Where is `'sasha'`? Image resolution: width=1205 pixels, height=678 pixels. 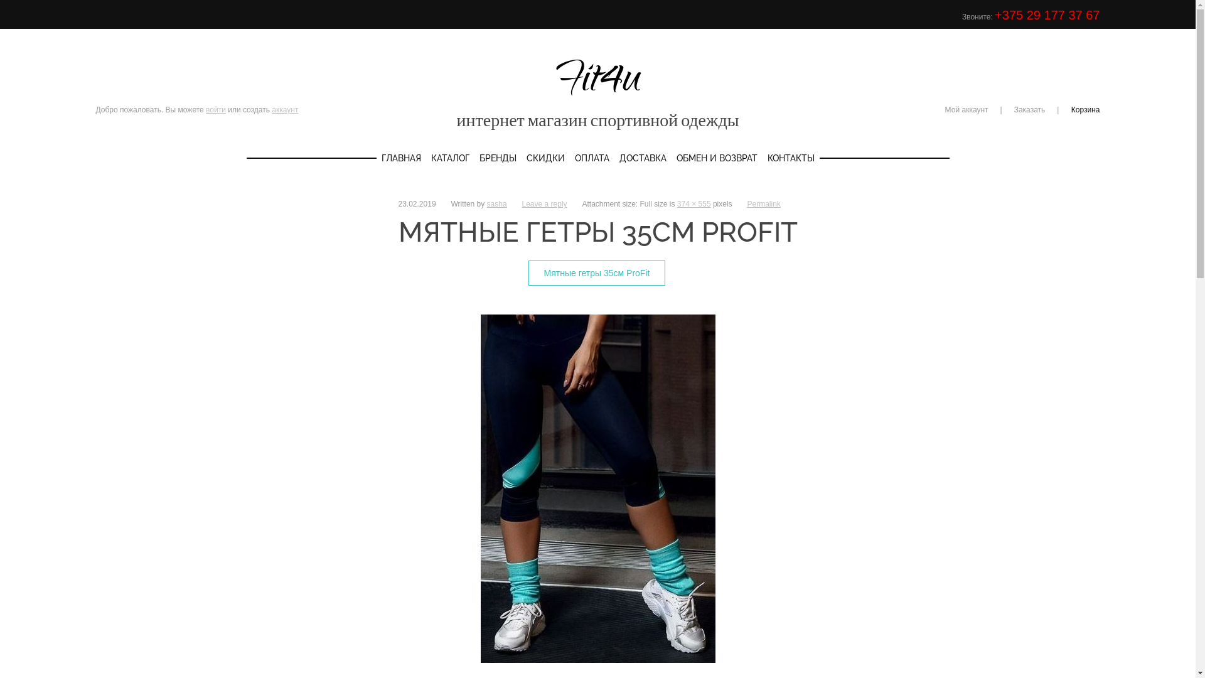 'sasha' is located at coordinates (496, 203).